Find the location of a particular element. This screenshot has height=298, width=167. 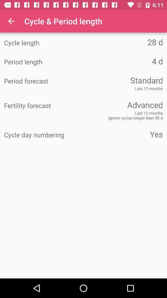

the icon next to the standard is located at coordinates (43, 81).